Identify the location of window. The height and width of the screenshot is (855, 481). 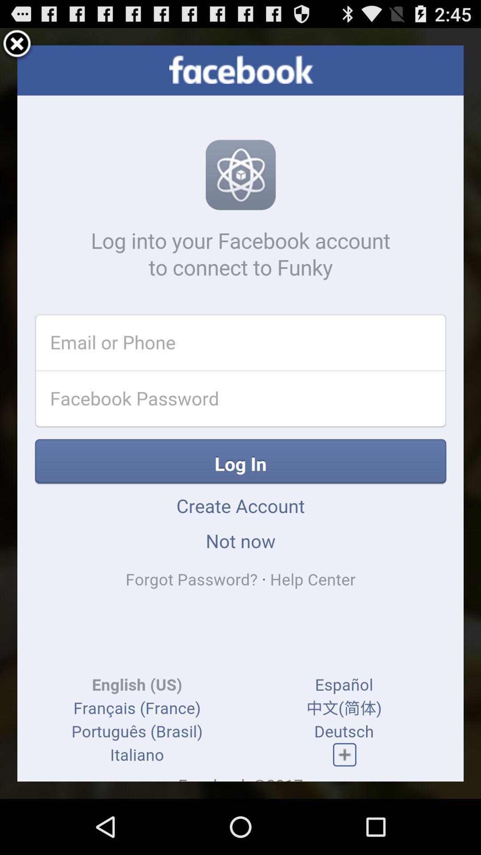
(17, 45).